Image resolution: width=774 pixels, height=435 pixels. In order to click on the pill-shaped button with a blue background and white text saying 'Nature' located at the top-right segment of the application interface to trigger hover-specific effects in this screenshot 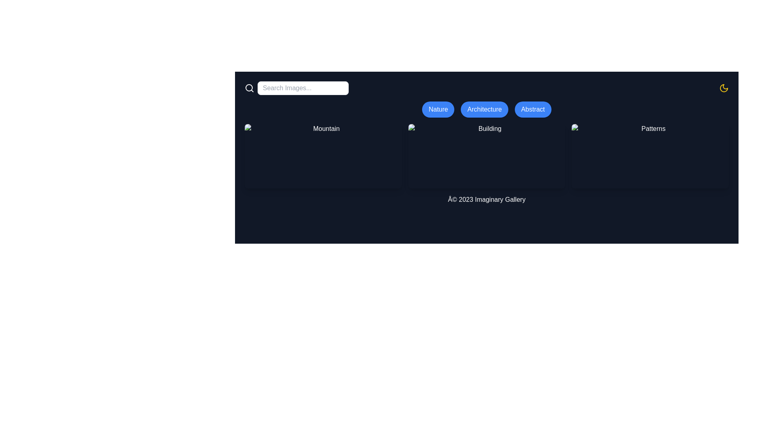, I will do `click(438, 110)`.